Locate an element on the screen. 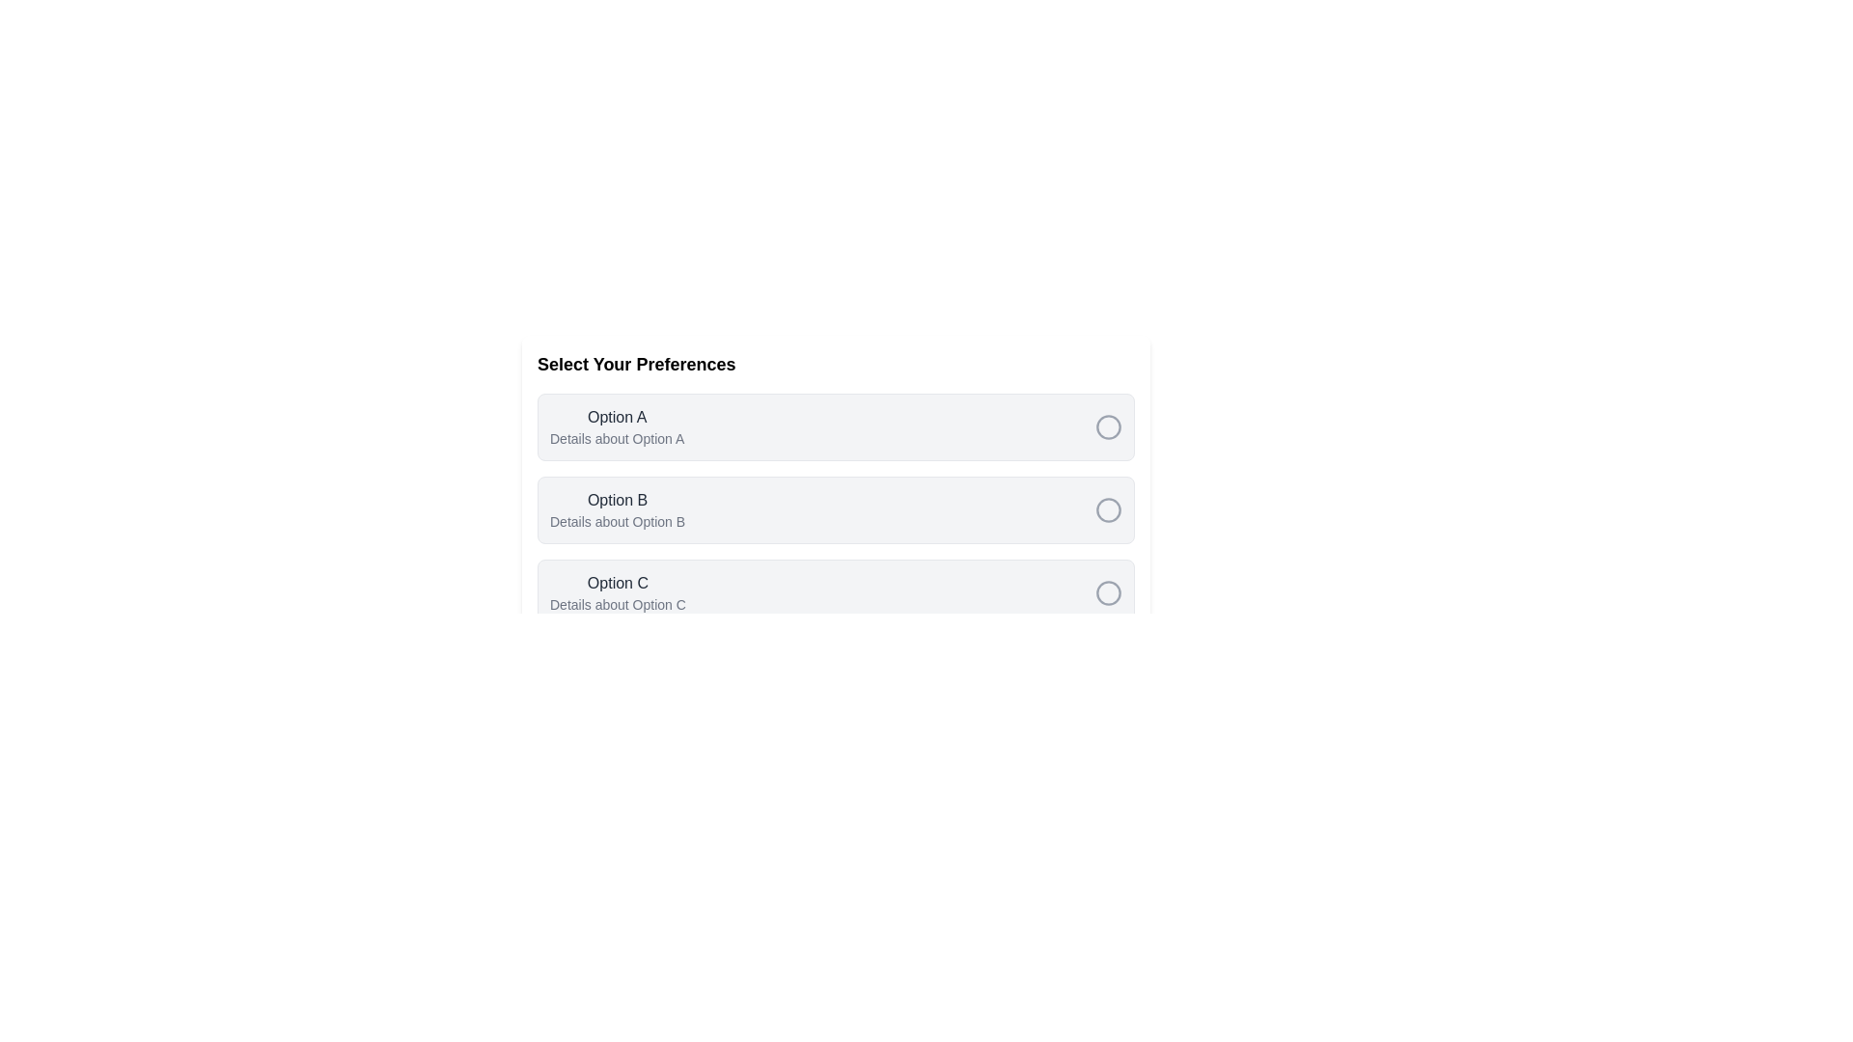 The width and height of the screenshot is (1853, 1042). the element Option A in the component is located at coordinates (616, 426).